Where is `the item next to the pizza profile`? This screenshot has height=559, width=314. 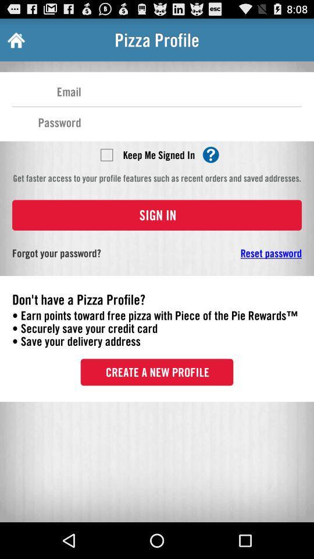
the item next to the pizza profile is located at coordinates (15, 40).